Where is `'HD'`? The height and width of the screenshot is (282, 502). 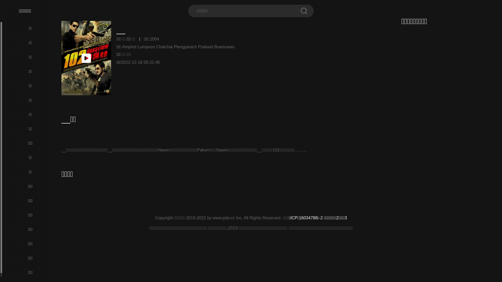 'HD' is located at coordinates (86, 58).